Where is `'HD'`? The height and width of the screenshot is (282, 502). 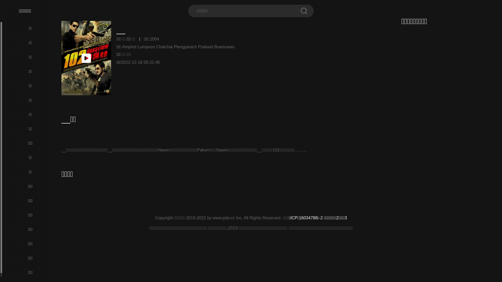 'HD' is located at coordinates (86, 58).